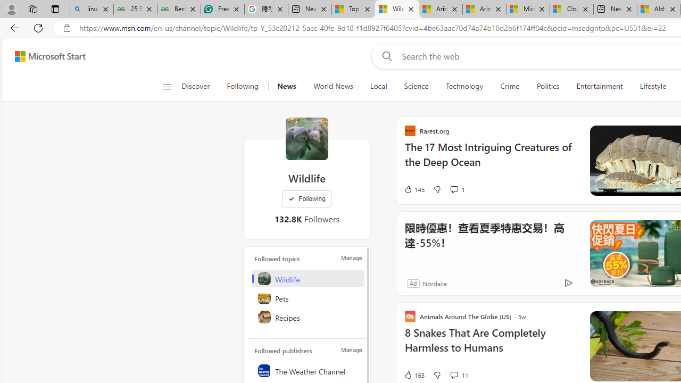  Describe the element at coordinates (222, 9) in the screenshot. I see `'Free AI Writing Assistance for Students | Grammarly'` at that location.